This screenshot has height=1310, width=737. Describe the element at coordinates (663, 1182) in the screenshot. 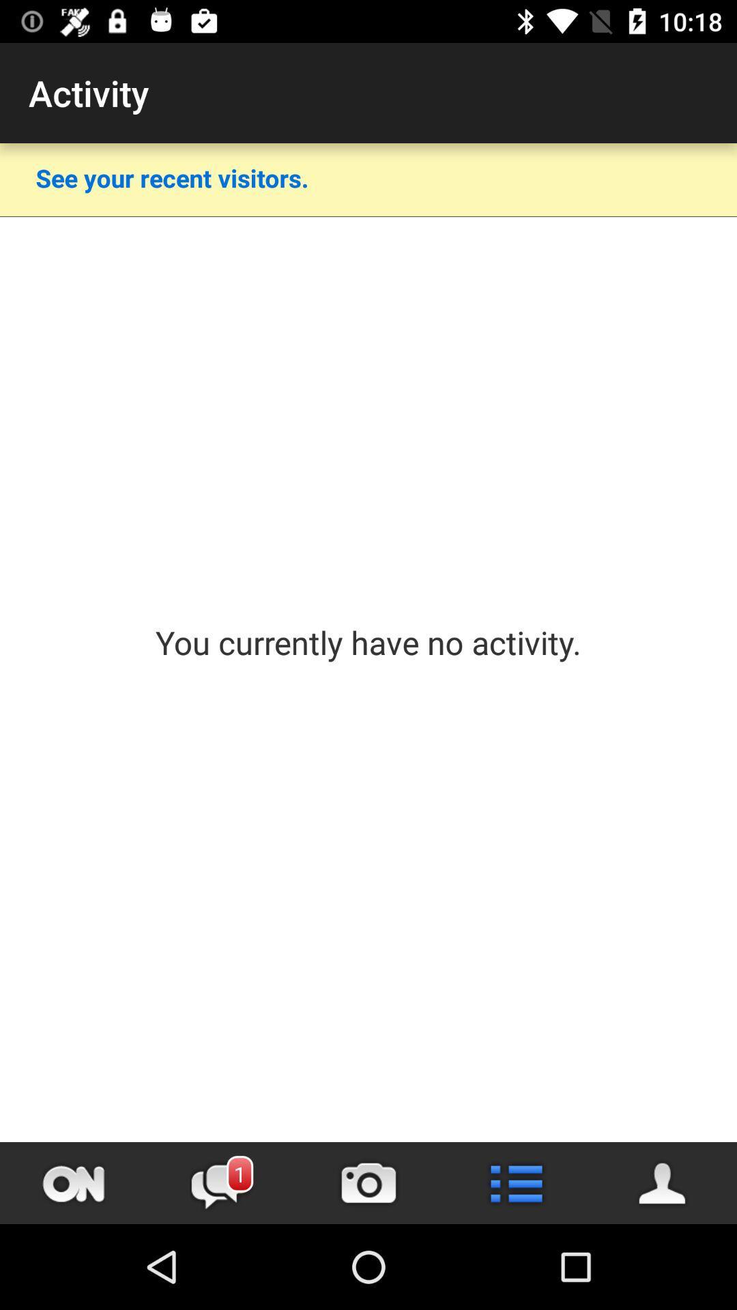

I see `profile` at that location.